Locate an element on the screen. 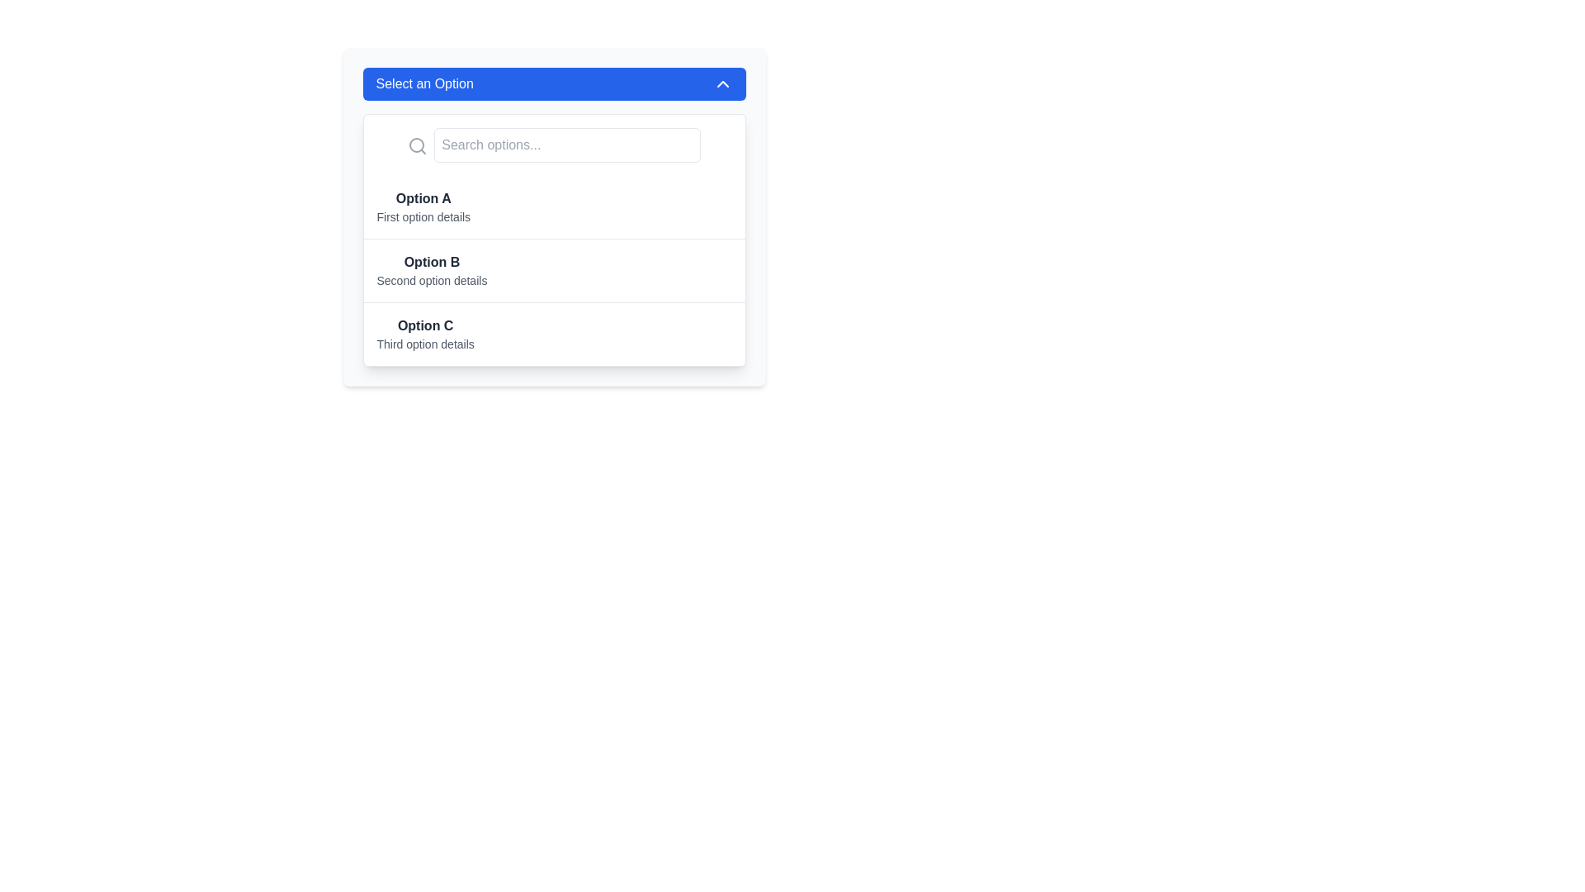 This screenshot has width=1585, height=892. the third item in the dropdown list is located at coordinates (554, 334).